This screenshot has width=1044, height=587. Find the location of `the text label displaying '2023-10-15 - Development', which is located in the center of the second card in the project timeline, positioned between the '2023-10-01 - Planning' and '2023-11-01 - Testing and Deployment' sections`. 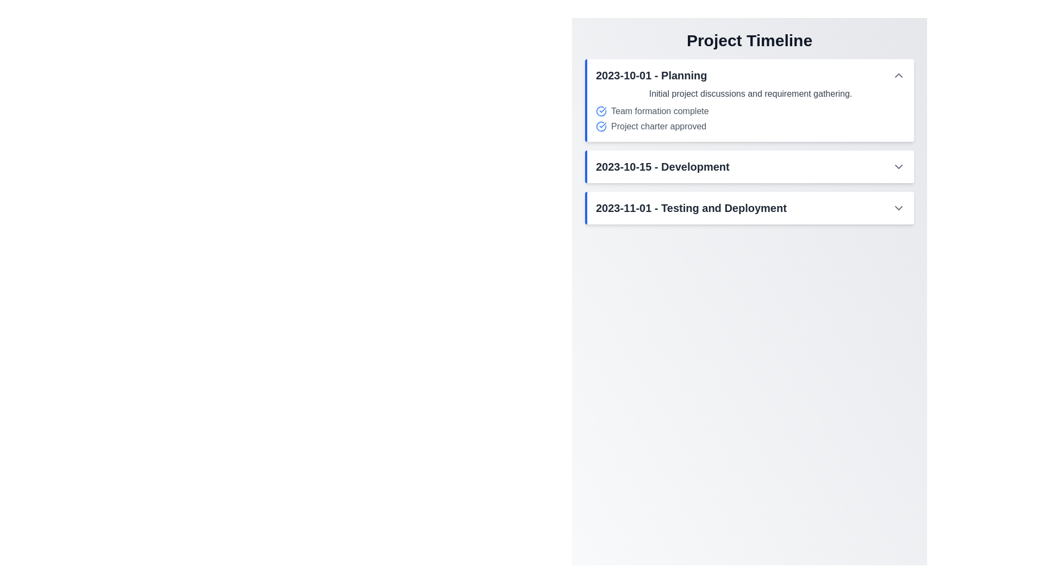

the text label displaying '2023-10-15 - Development', which is located in the center of the second card in the project timeline, positioned between the '2023-10-01 - Planning' and '2023-11-01 - Testing and Deployment' sections is located at coordinates (662, 167).